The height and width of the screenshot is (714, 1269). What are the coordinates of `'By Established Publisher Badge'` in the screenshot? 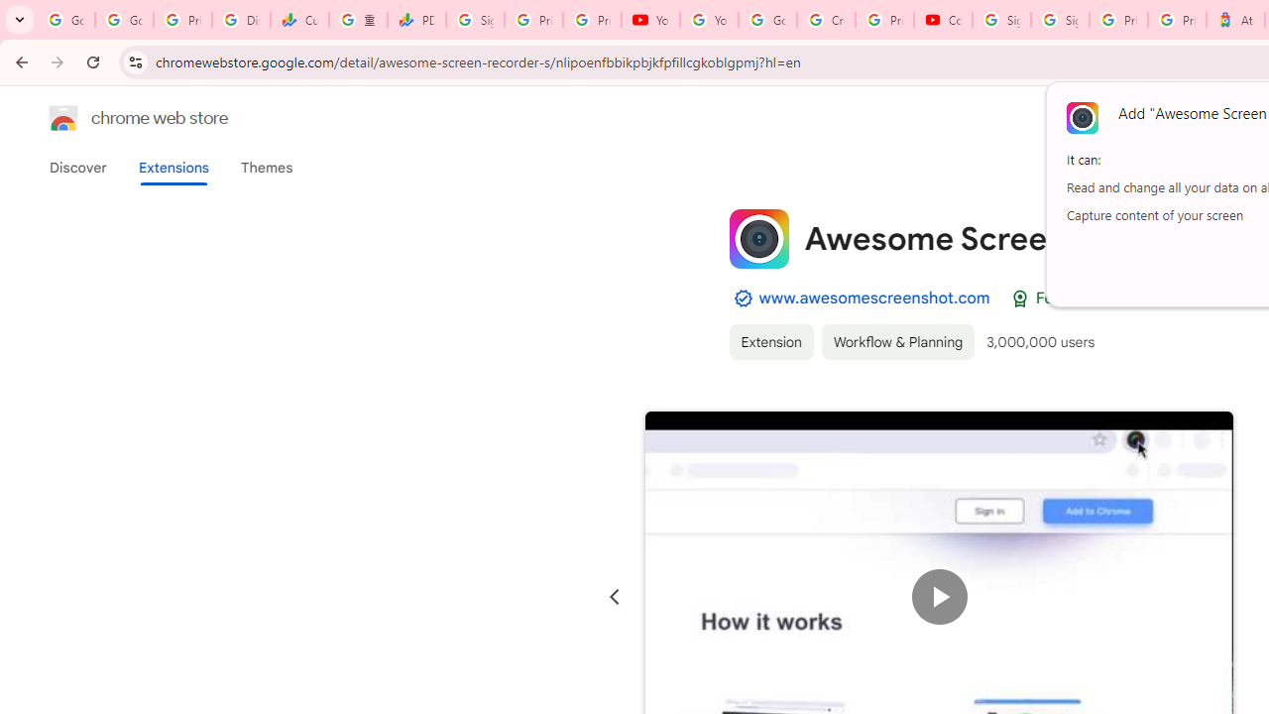 It's located at (742, 298).